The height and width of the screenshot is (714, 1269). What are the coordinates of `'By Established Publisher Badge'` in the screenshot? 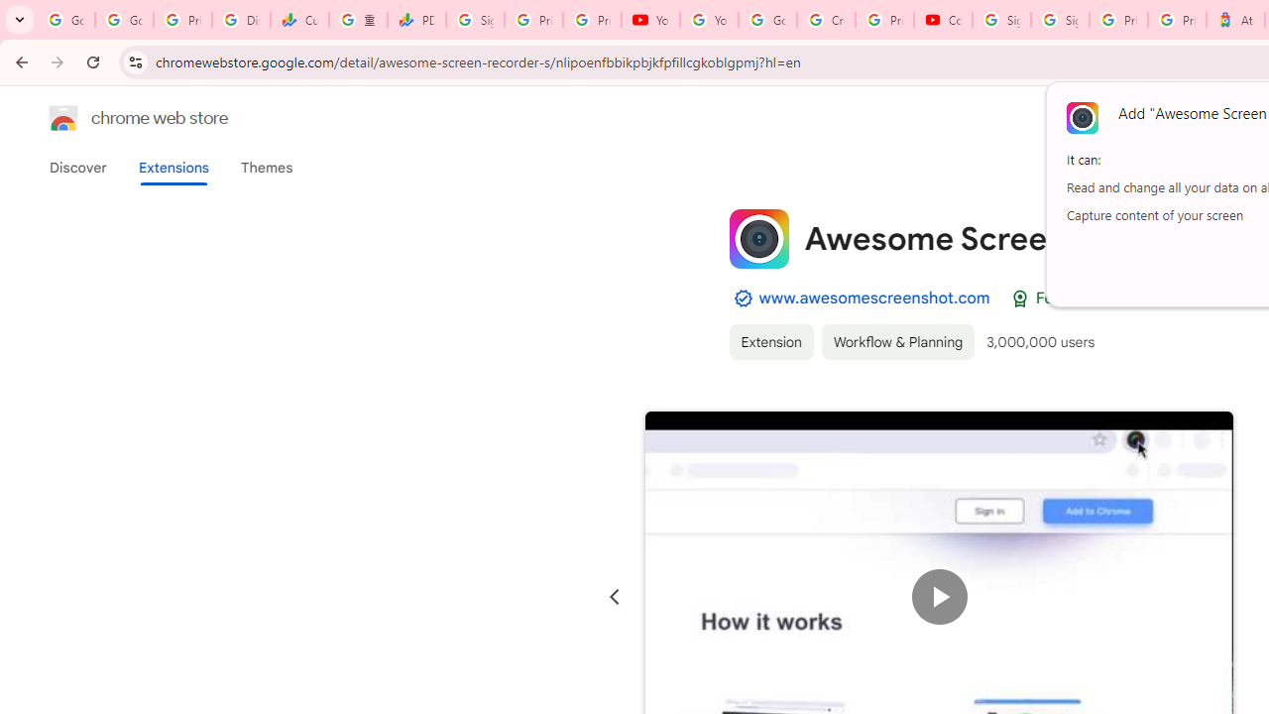 It's located at (742, 298).